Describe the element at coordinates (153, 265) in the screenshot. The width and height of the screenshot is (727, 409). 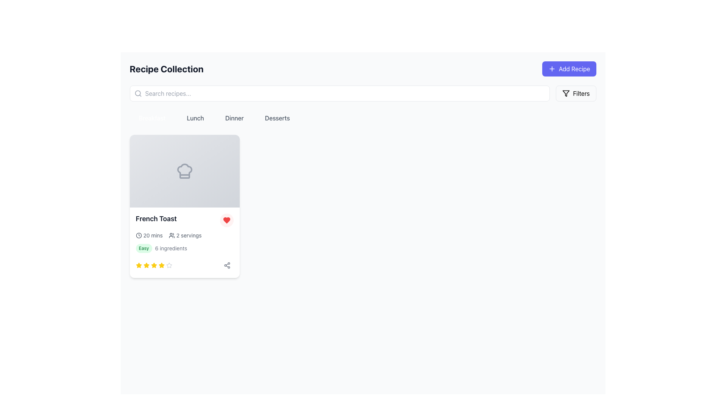
I see `the fourth yellow star icon` at that location.